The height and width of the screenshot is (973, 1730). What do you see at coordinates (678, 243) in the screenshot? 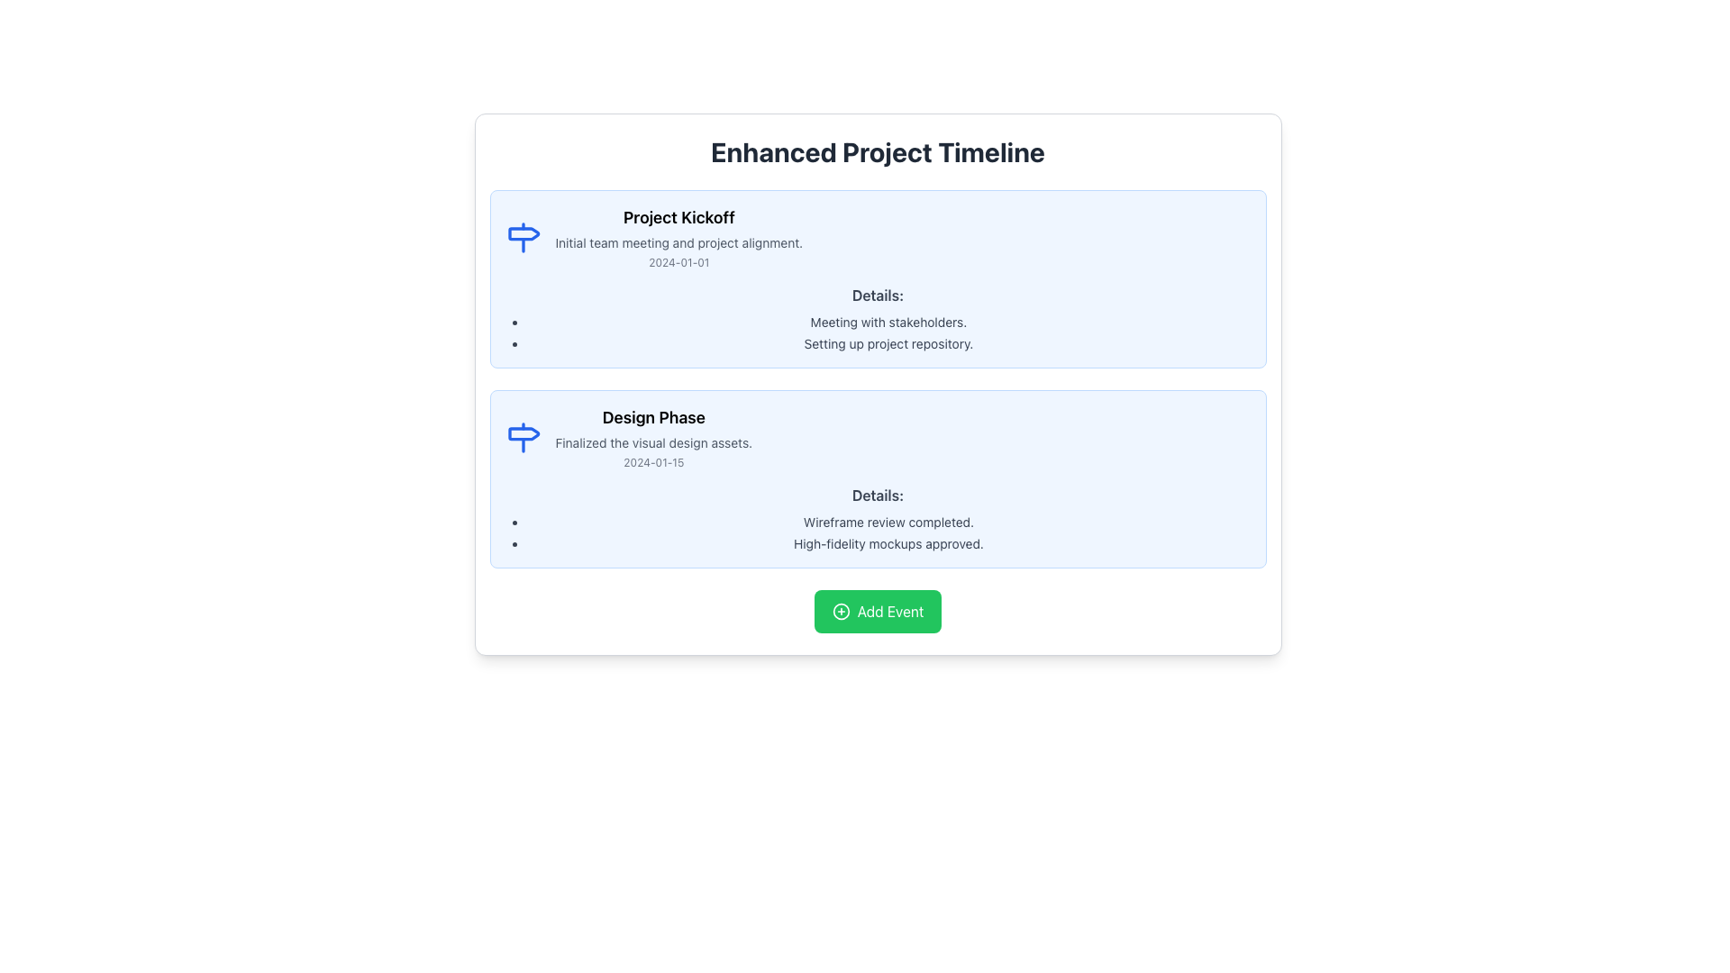
I see `the text label providing a summary of the main topic 'Project Kickoff', located below the main title and above the date '2024-01-01'` at bounding box center [678, 243].